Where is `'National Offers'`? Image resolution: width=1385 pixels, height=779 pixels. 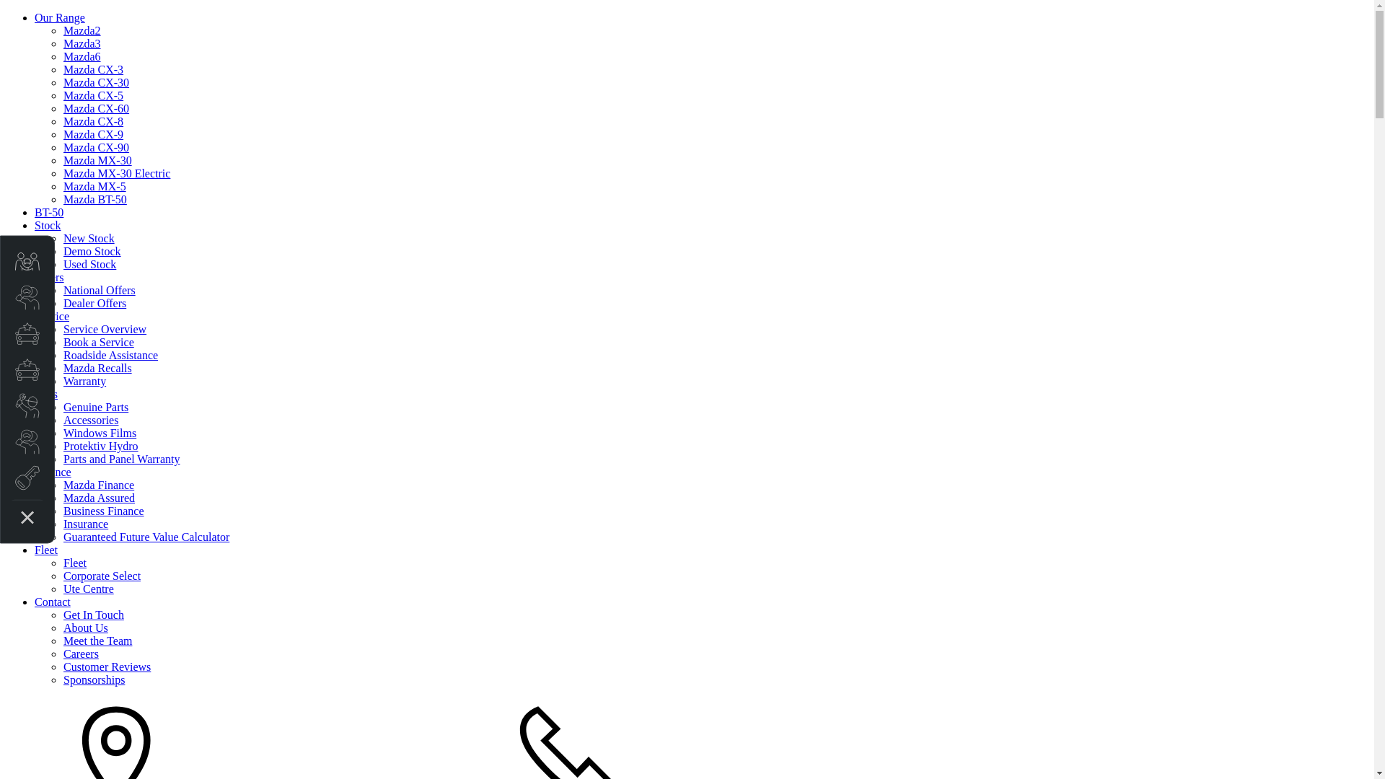 'National Offers' is located at coordinates (62, 290).